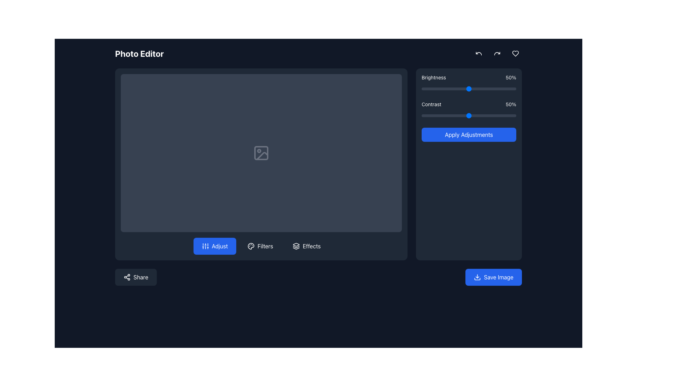 The width and height of the screenshot is (678, 381). I want to click on brightness, so click(450, 88).